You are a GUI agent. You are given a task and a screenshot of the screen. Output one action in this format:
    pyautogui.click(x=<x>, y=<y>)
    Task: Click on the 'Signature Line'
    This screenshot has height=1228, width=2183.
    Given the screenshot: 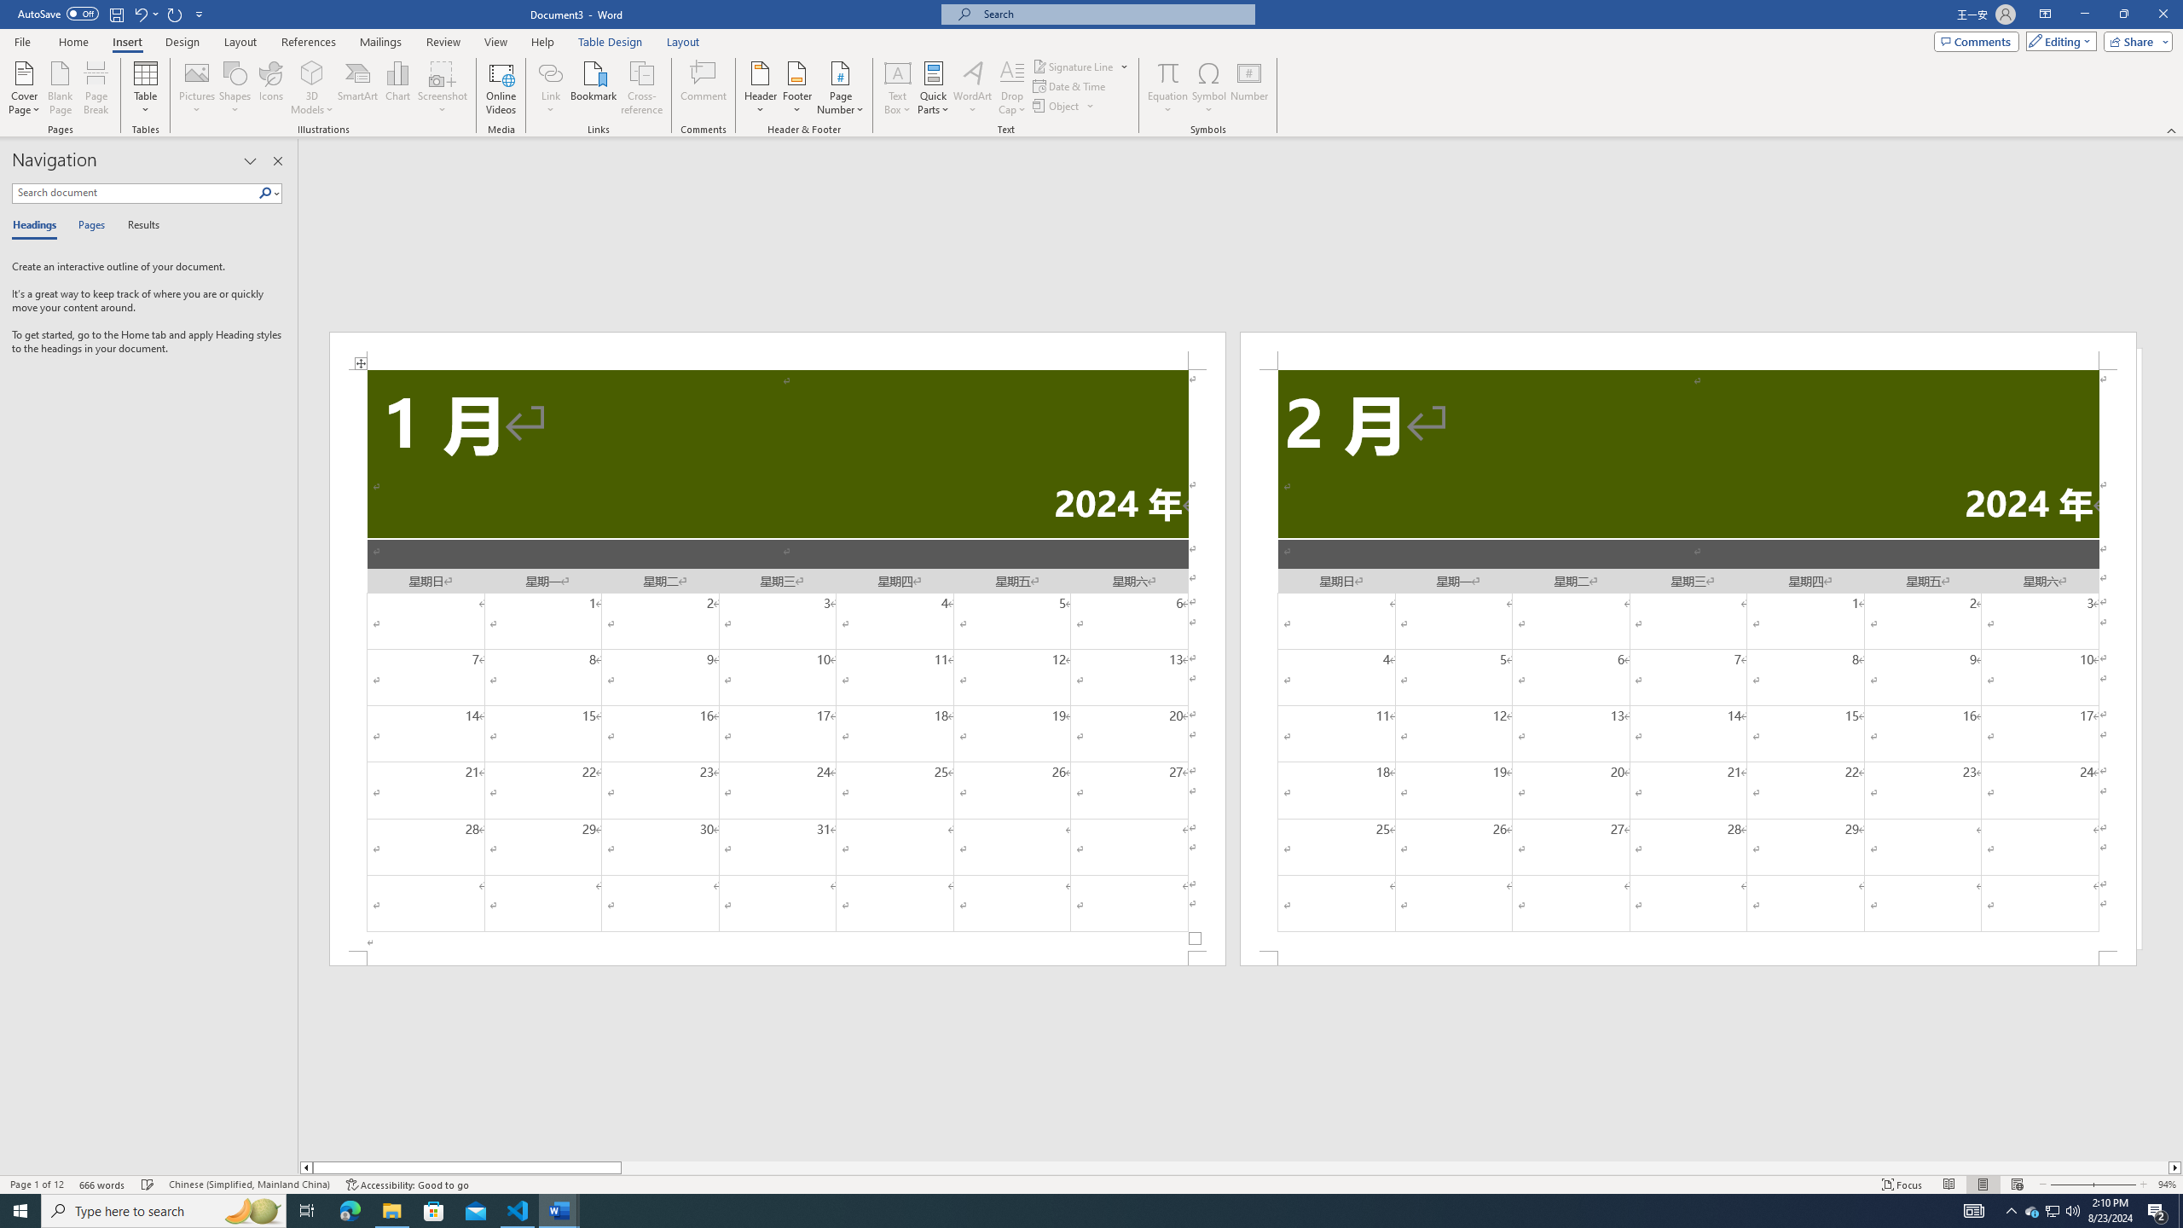 What is the action you would take?
    pyautogui.click(x=1080, y=66)
    